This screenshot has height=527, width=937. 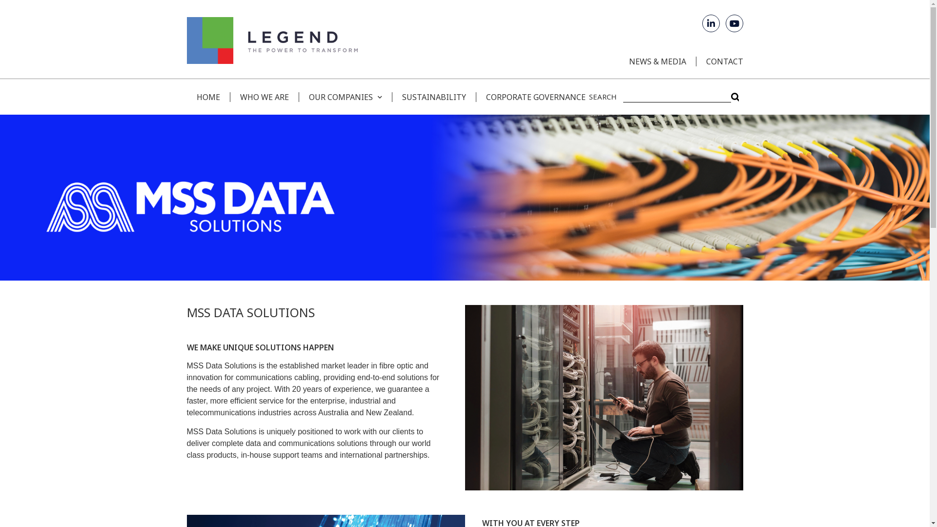 I want to click on 'OUR COMPANIES', so click(x=345, y=96).